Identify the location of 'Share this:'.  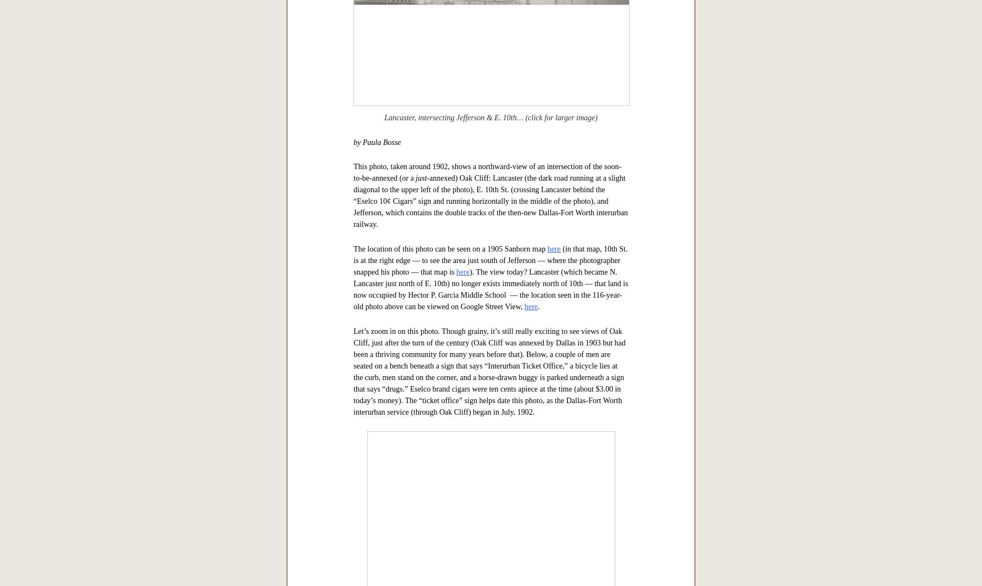
(368, 82).